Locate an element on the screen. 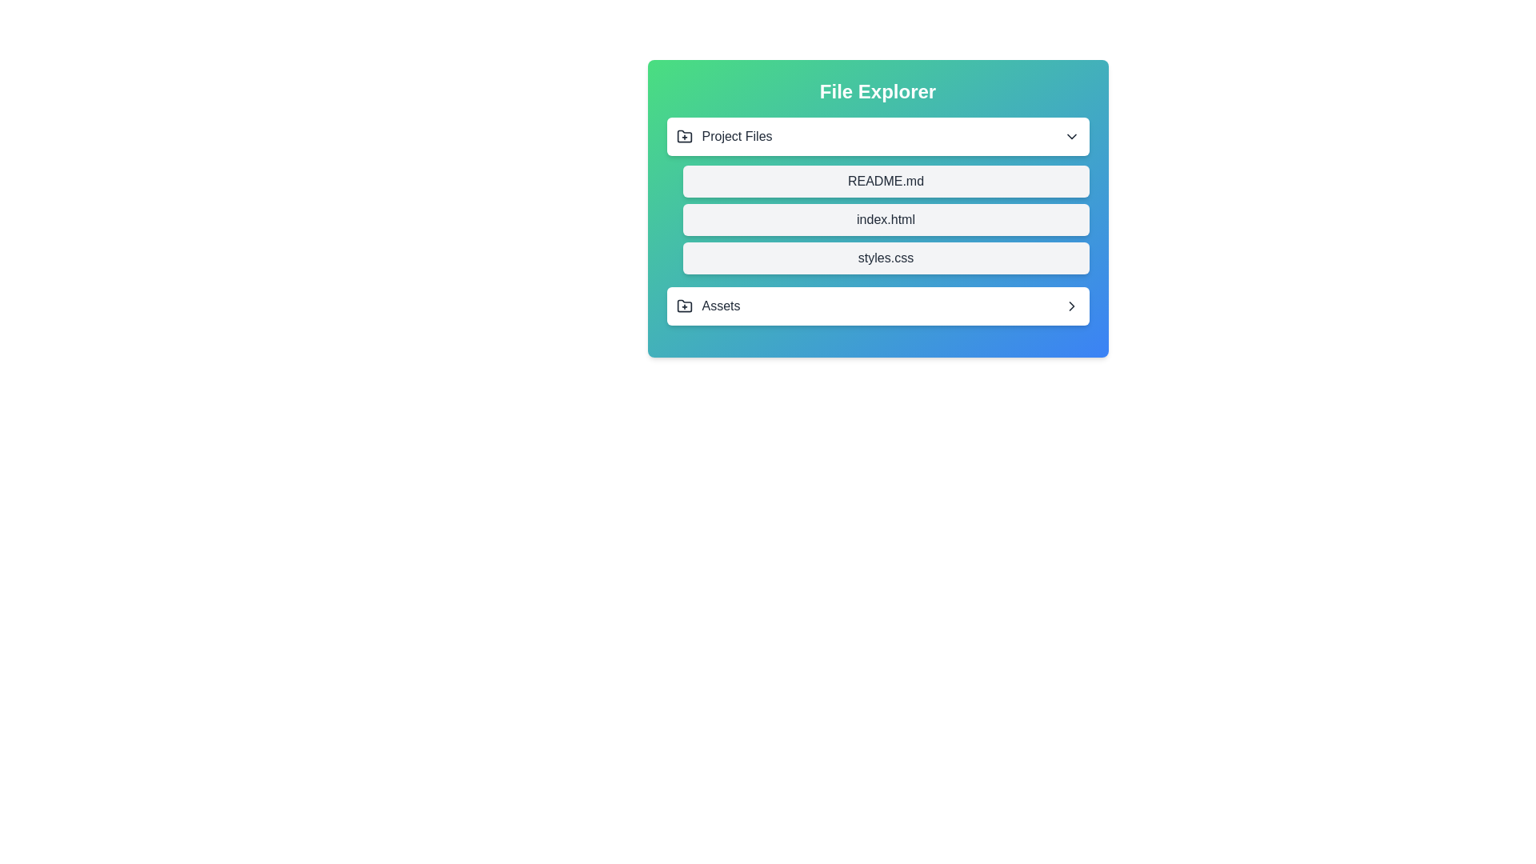 The image size is (1536, 864). the chevron icon located on the far right side of the 'Assets' folder row is located at coordinates (1071, 306).